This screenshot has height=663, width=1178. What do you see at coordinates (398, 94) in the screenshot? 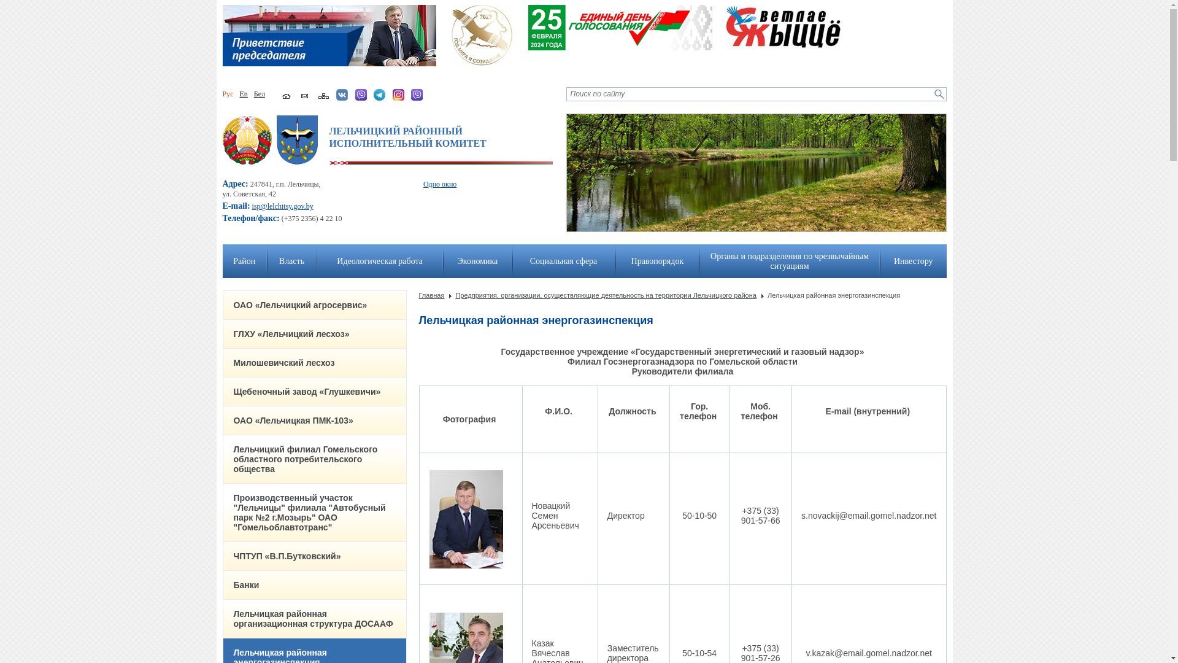
I see `'instagram'` at bounding box center [398, 94].